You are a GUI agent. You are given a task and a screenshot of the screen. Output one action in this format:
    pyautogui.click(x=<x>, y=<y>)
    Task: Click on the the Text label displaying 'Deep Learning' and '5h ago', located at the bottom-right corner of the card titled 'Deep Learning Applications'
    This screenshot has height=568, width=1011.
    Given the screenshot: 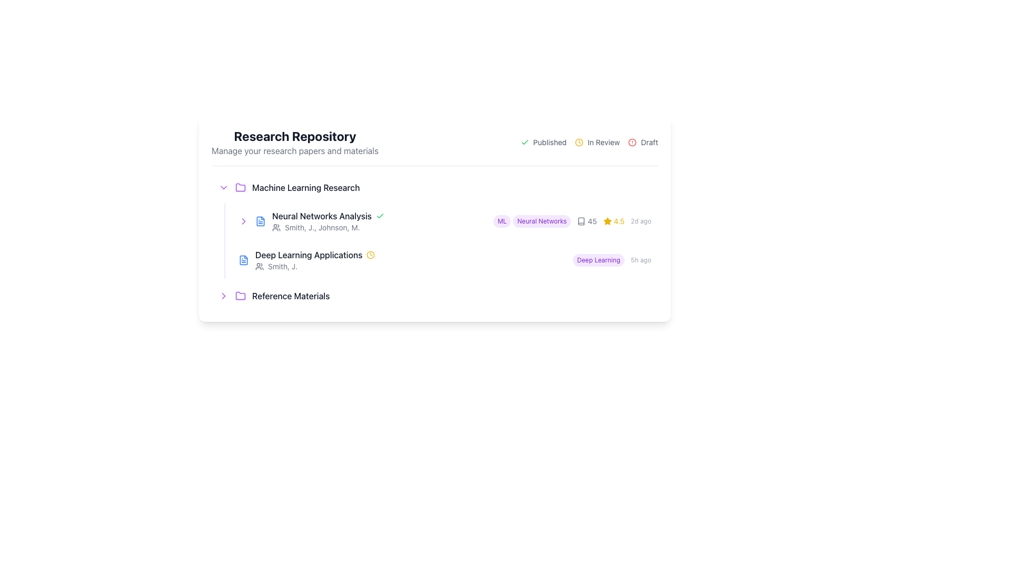 What is the action you would take?
    pyautogui.click(x=612, y=260)
    